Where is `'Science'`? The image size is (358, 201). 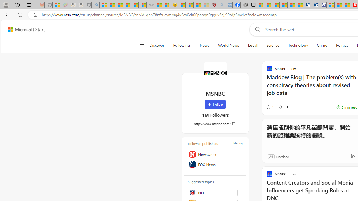 'Science' is located at coordinates (273, 45).